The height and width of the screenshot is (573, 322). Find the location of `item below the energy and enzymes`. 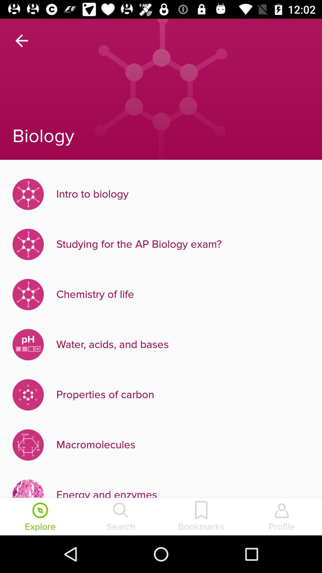

item below the energy and enzymes is located at coordinates (201, 517).